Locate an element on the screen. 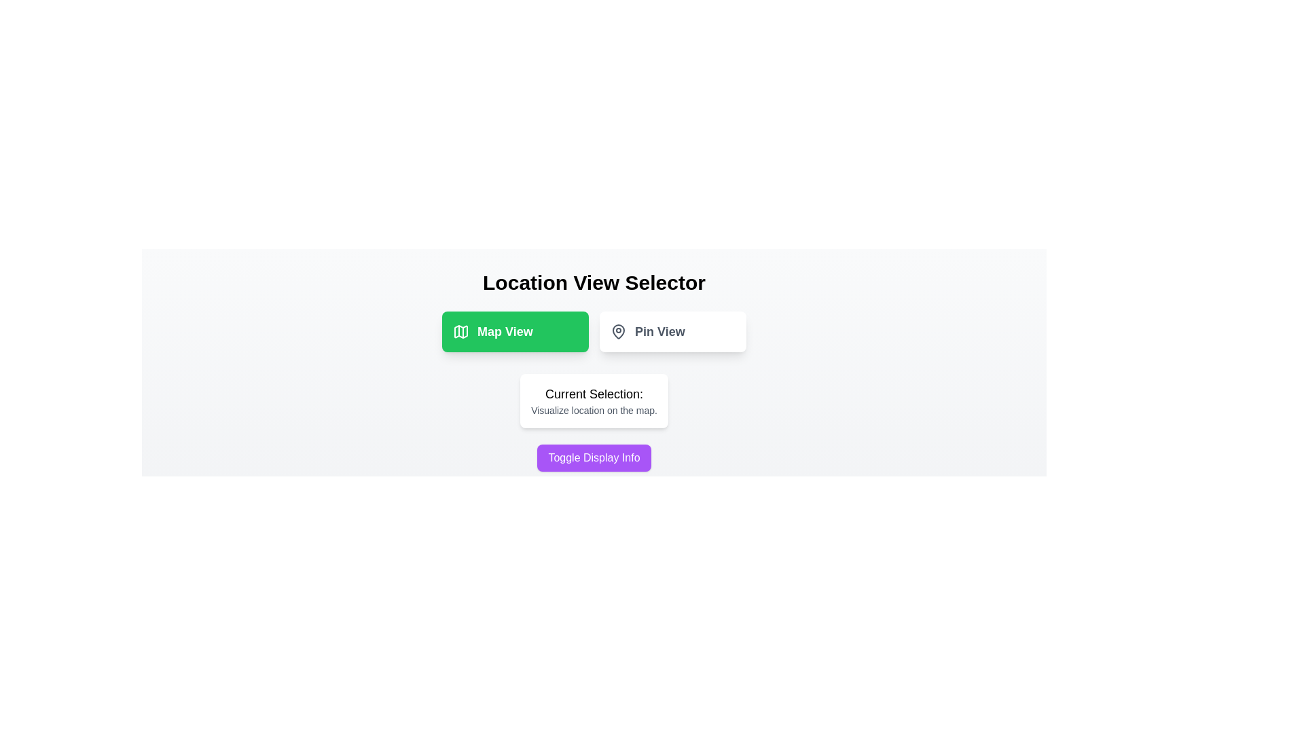 The image size is (1304, 733). 'Toggle Display Info' button to toggle the visibility of the information box is located at coordinates (594, 458).